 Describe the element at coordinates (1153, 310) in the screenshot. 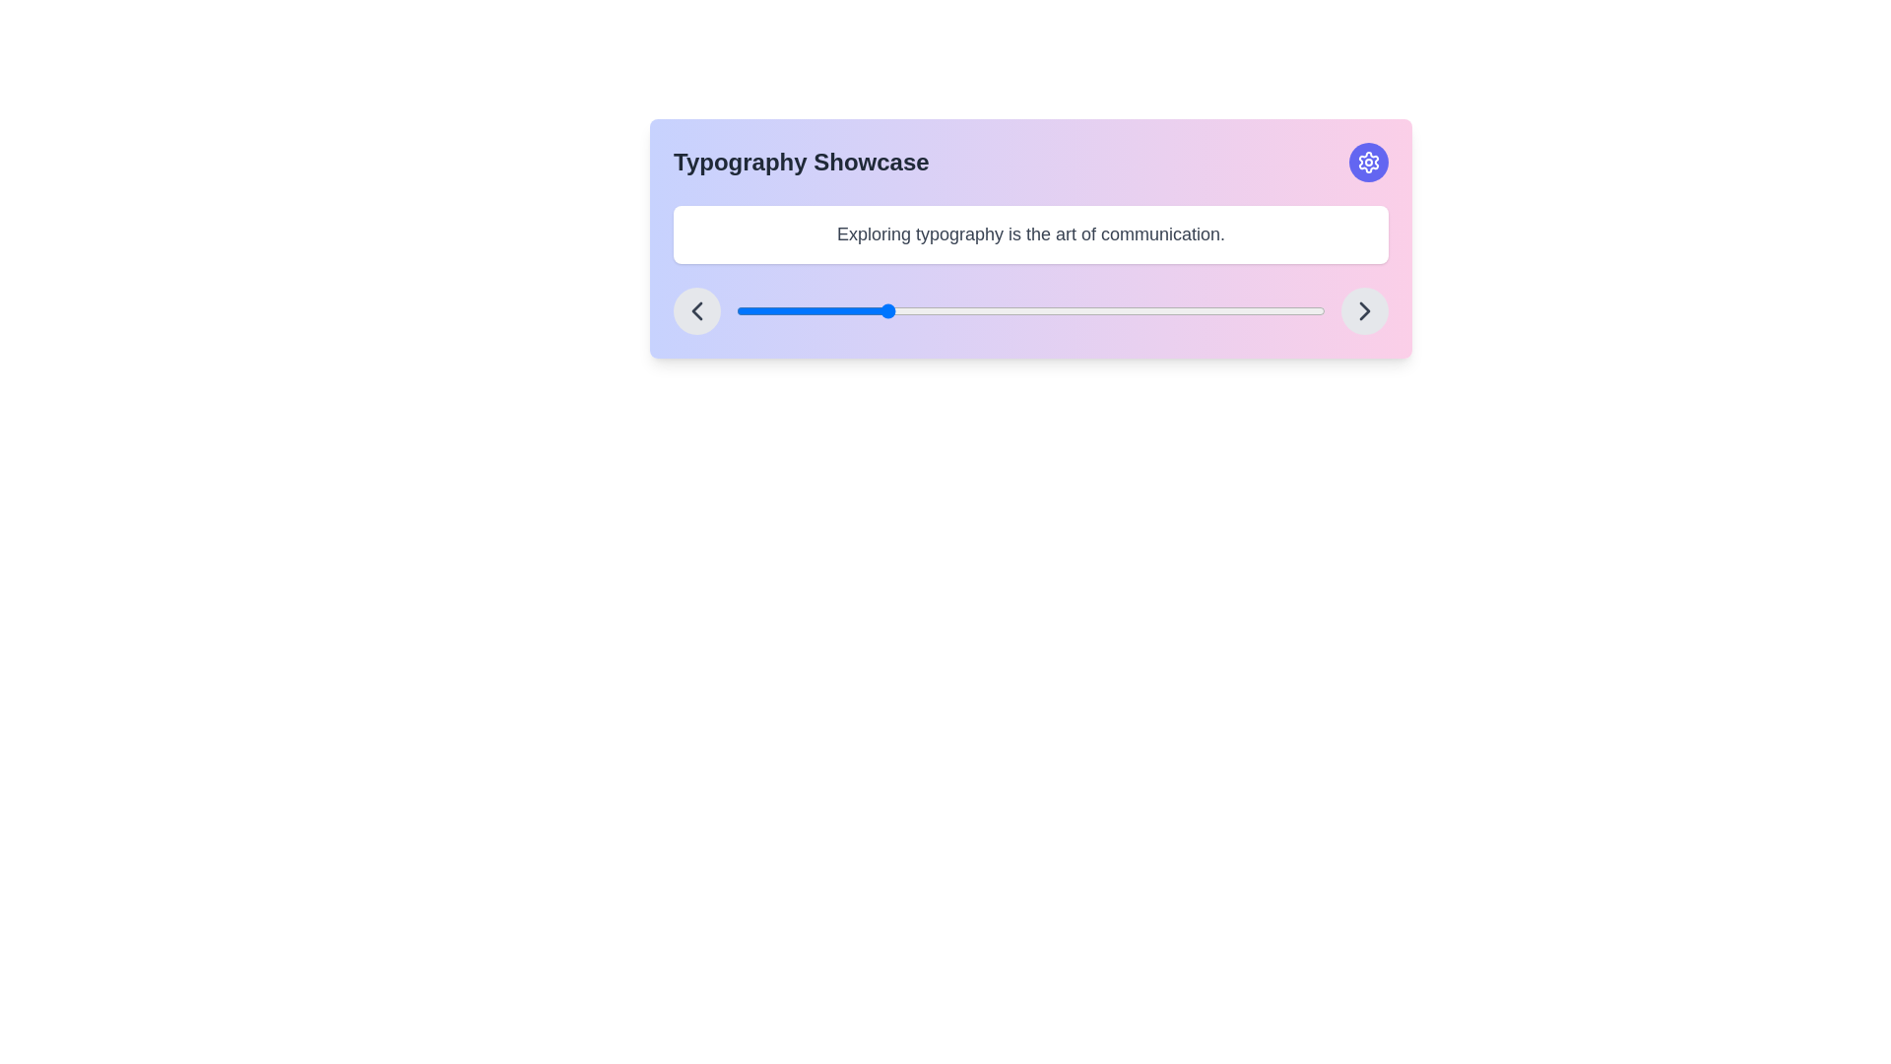

I see `the slider` at that location.